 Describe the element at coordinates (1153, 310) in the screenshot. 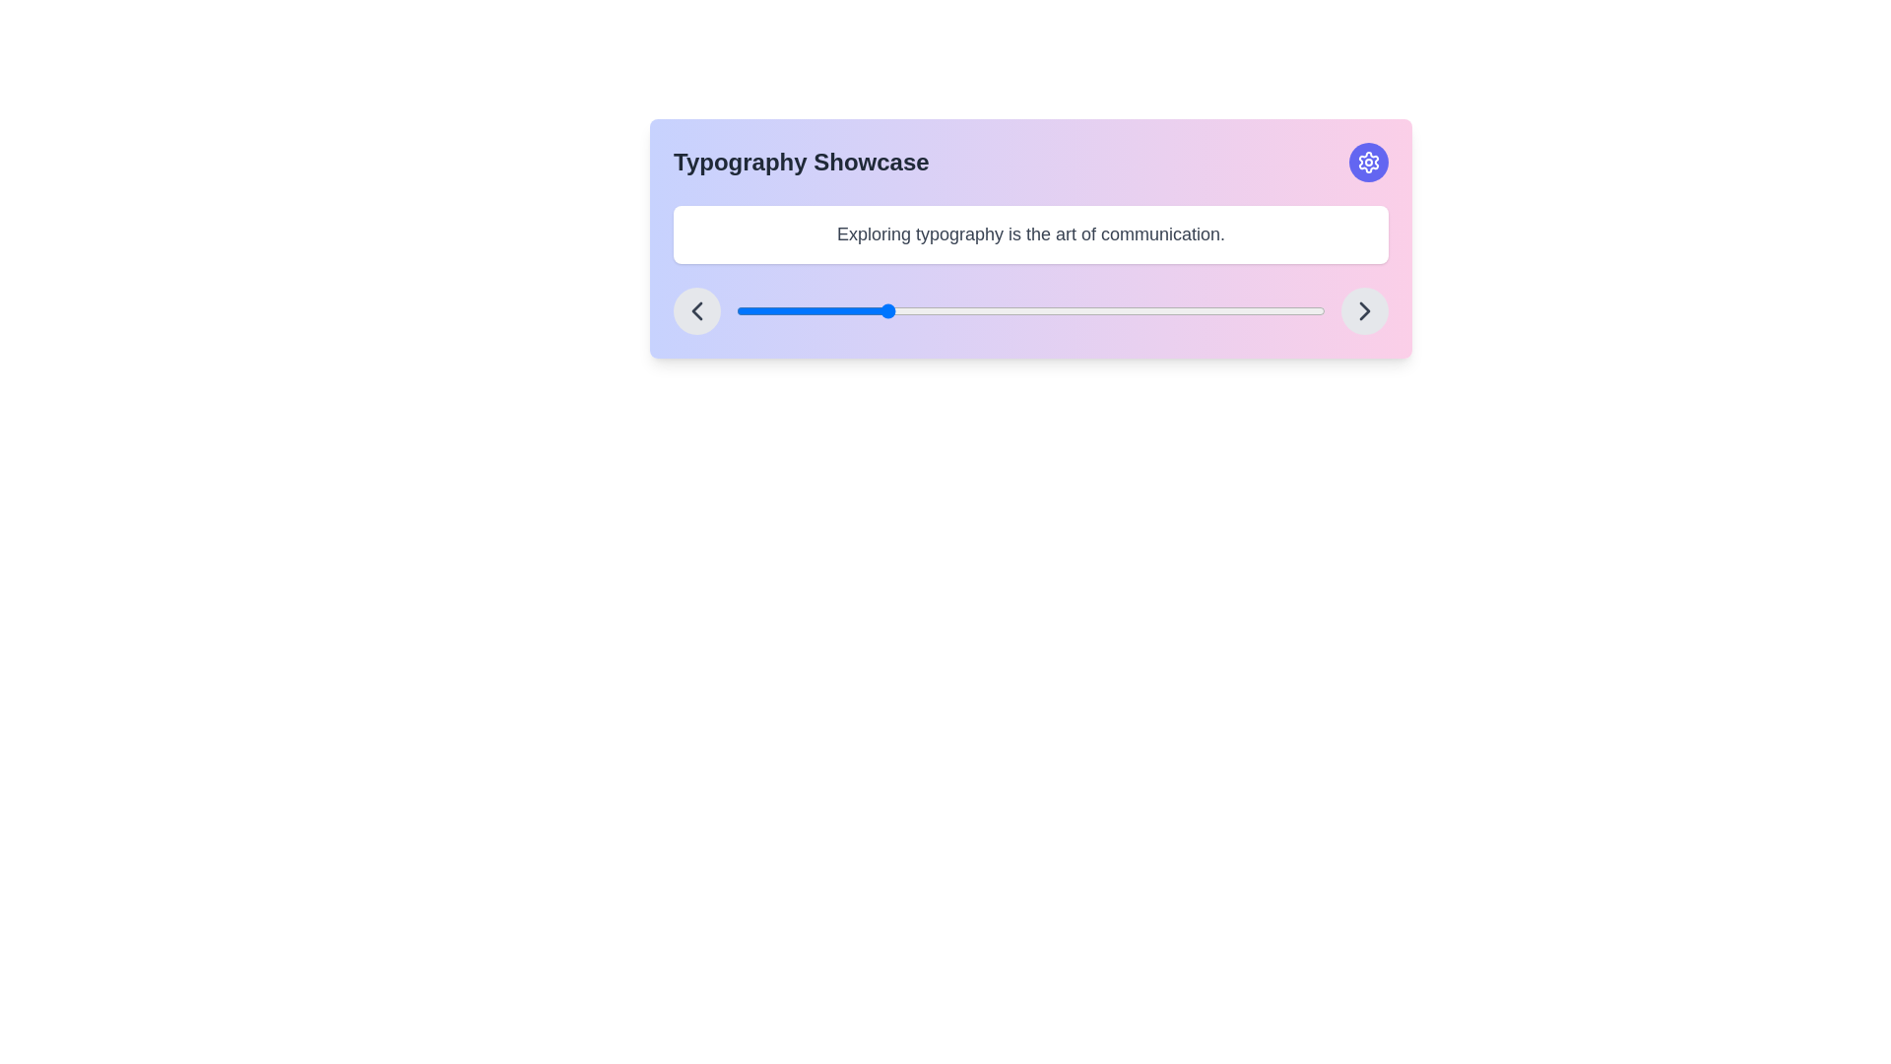

I see `the slider` at that location.